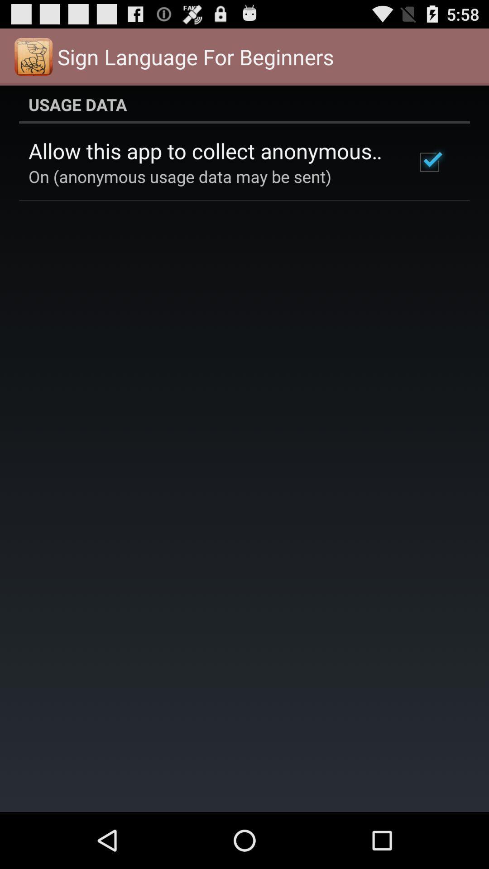  I want to click on app below the usage data icon, so click(210, 151).